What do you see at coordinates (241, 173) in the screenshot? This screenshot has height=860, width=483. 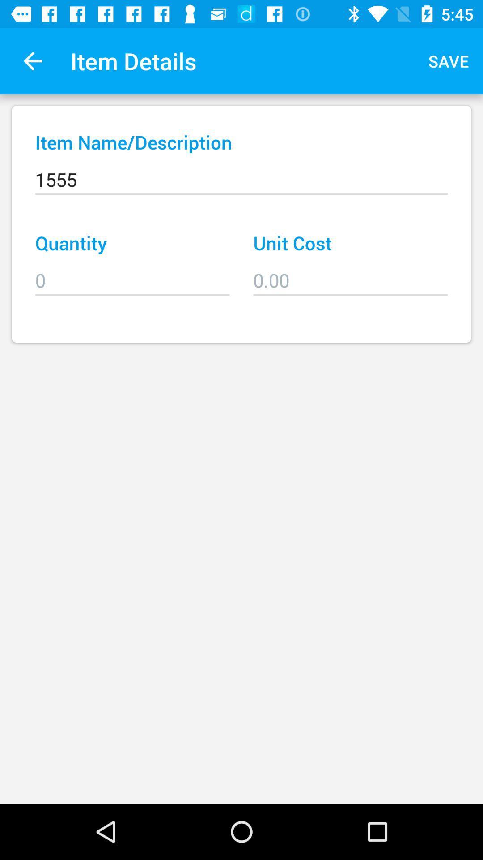 I see `1555 item` at bounding box center [241, 173].